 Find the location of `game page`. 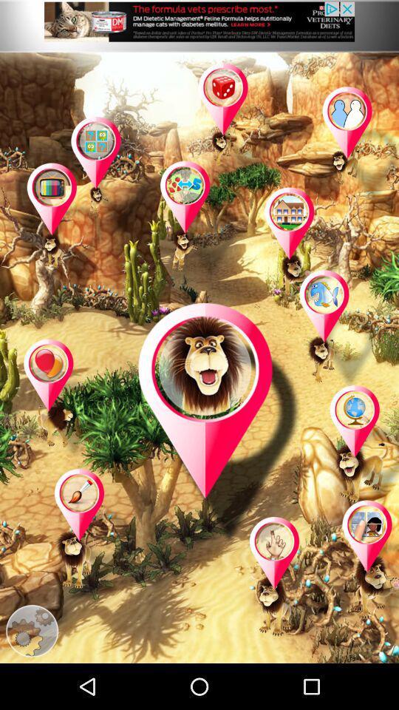

game page is located at coordinates (66, 223).